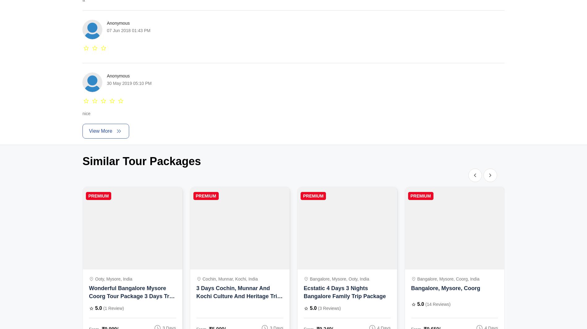  I want to click on 'chevron_left', so click(471, 175).